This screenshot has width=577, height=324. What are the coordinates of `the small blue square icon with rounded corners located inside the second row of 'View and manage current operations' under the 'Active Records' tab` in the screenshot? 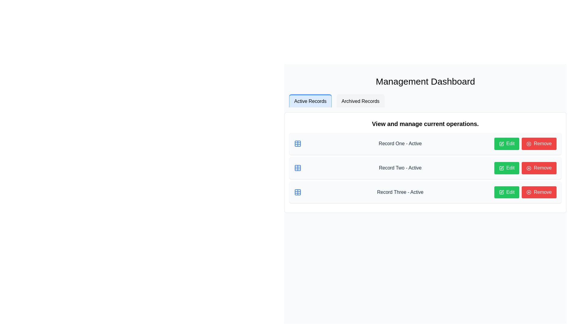 It's located at (298, 168).